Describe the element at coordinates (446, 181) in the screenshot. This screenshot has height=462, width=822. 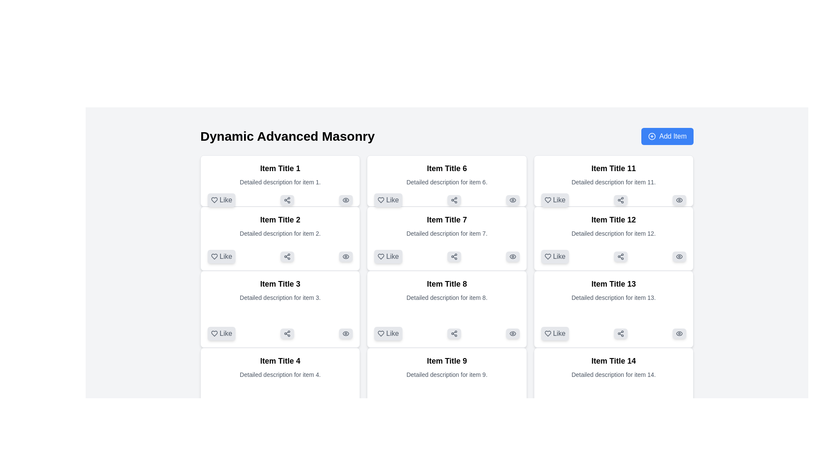
I see `the static textual content providing details about 'Item 6', located in the second row and second column of the grid layout, under the heading 'Item Title 6'` at that location.